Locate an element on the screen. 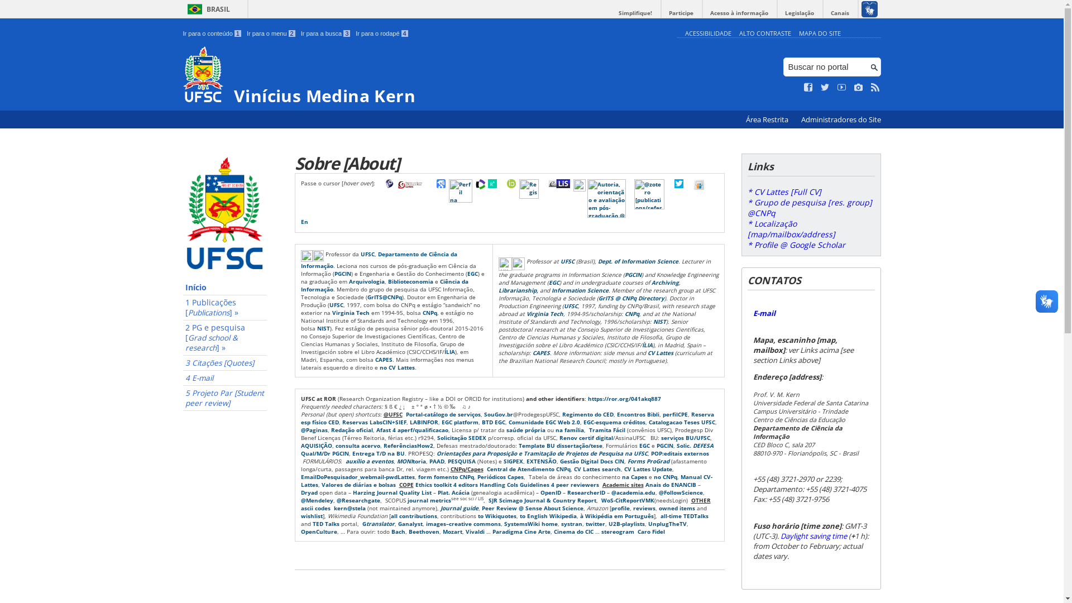 Image resolution: width=1072 pixels, height=603 pixels. 'form fomento CNPq' is located at coordinates (417, 476).